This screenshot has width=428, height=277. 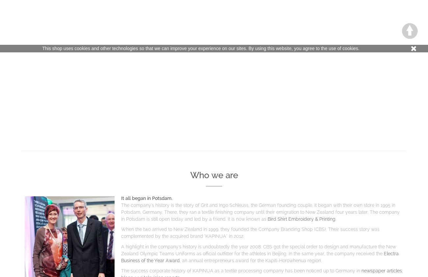 I want to click on 'in 2012.', so click(x=236, y=236).